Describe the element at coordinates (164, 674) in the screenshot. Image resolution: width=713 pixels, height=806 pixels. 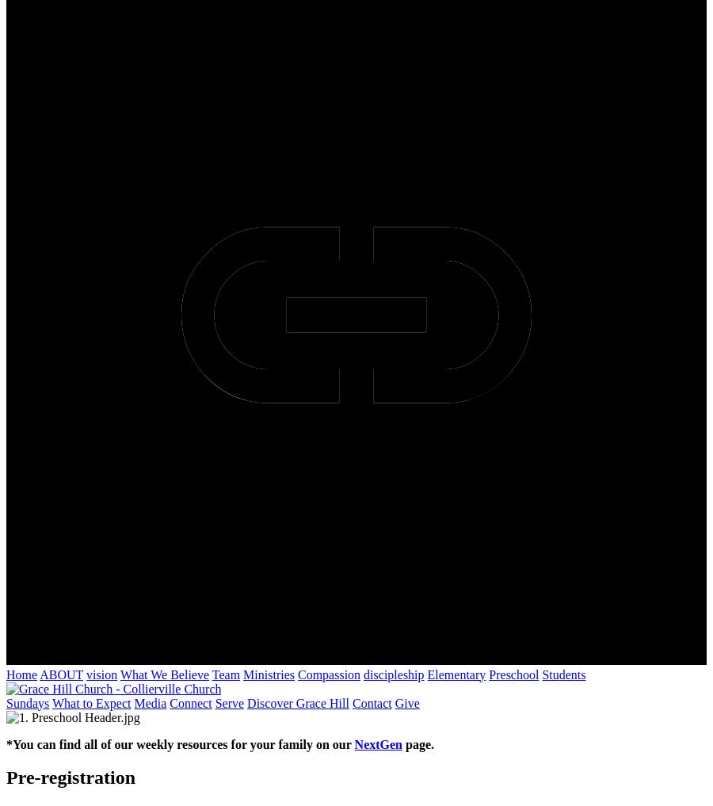
I see `'What We Believe'` at that location.